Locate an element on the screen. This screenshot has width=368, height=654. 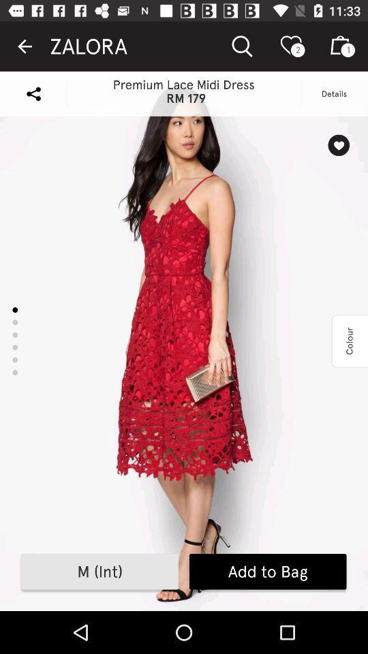
add to bag icon is located at coordinates (268, 572).